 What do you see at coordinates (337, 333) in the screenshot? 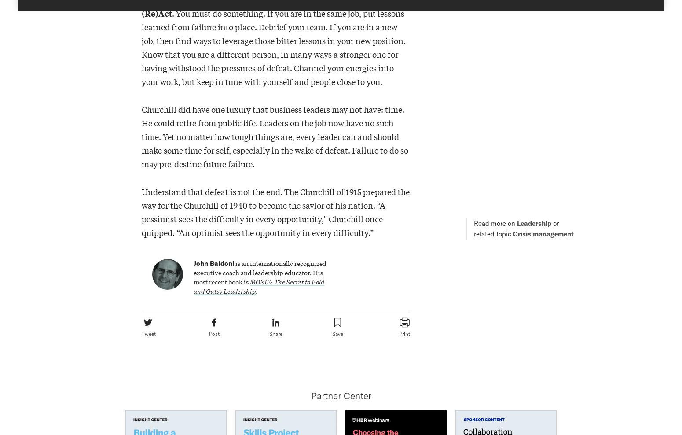
I see `'Save'` at bounding box center [337, 333].